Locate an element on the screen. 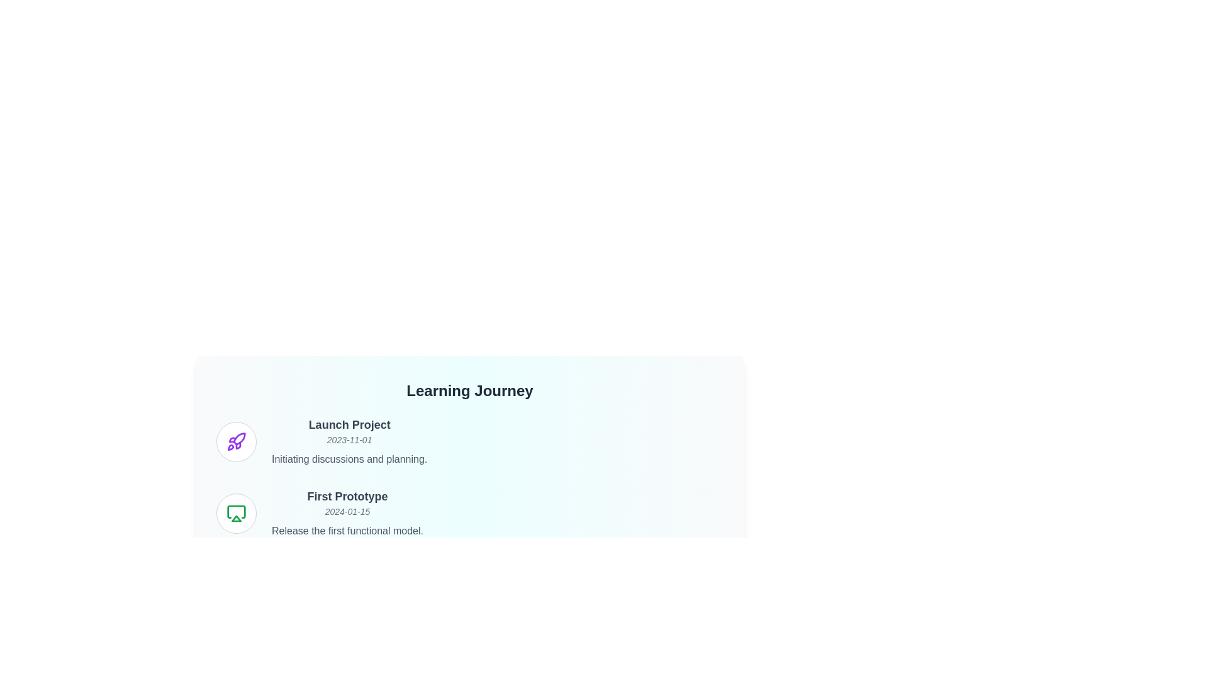  the timestamp text indicating the date '2023-11-01', which is positioned directly under the 'Launch Project' heading is located at coordinates (349, 439).